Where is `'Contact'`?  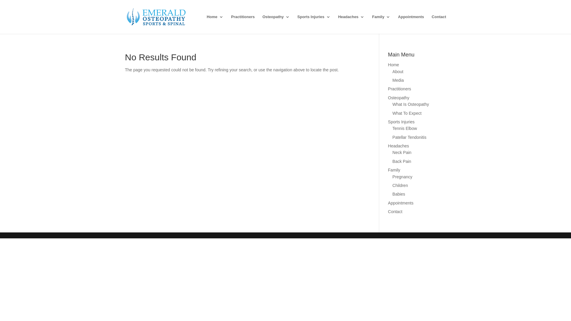
'Contact' is located at coordinates (439, 24).